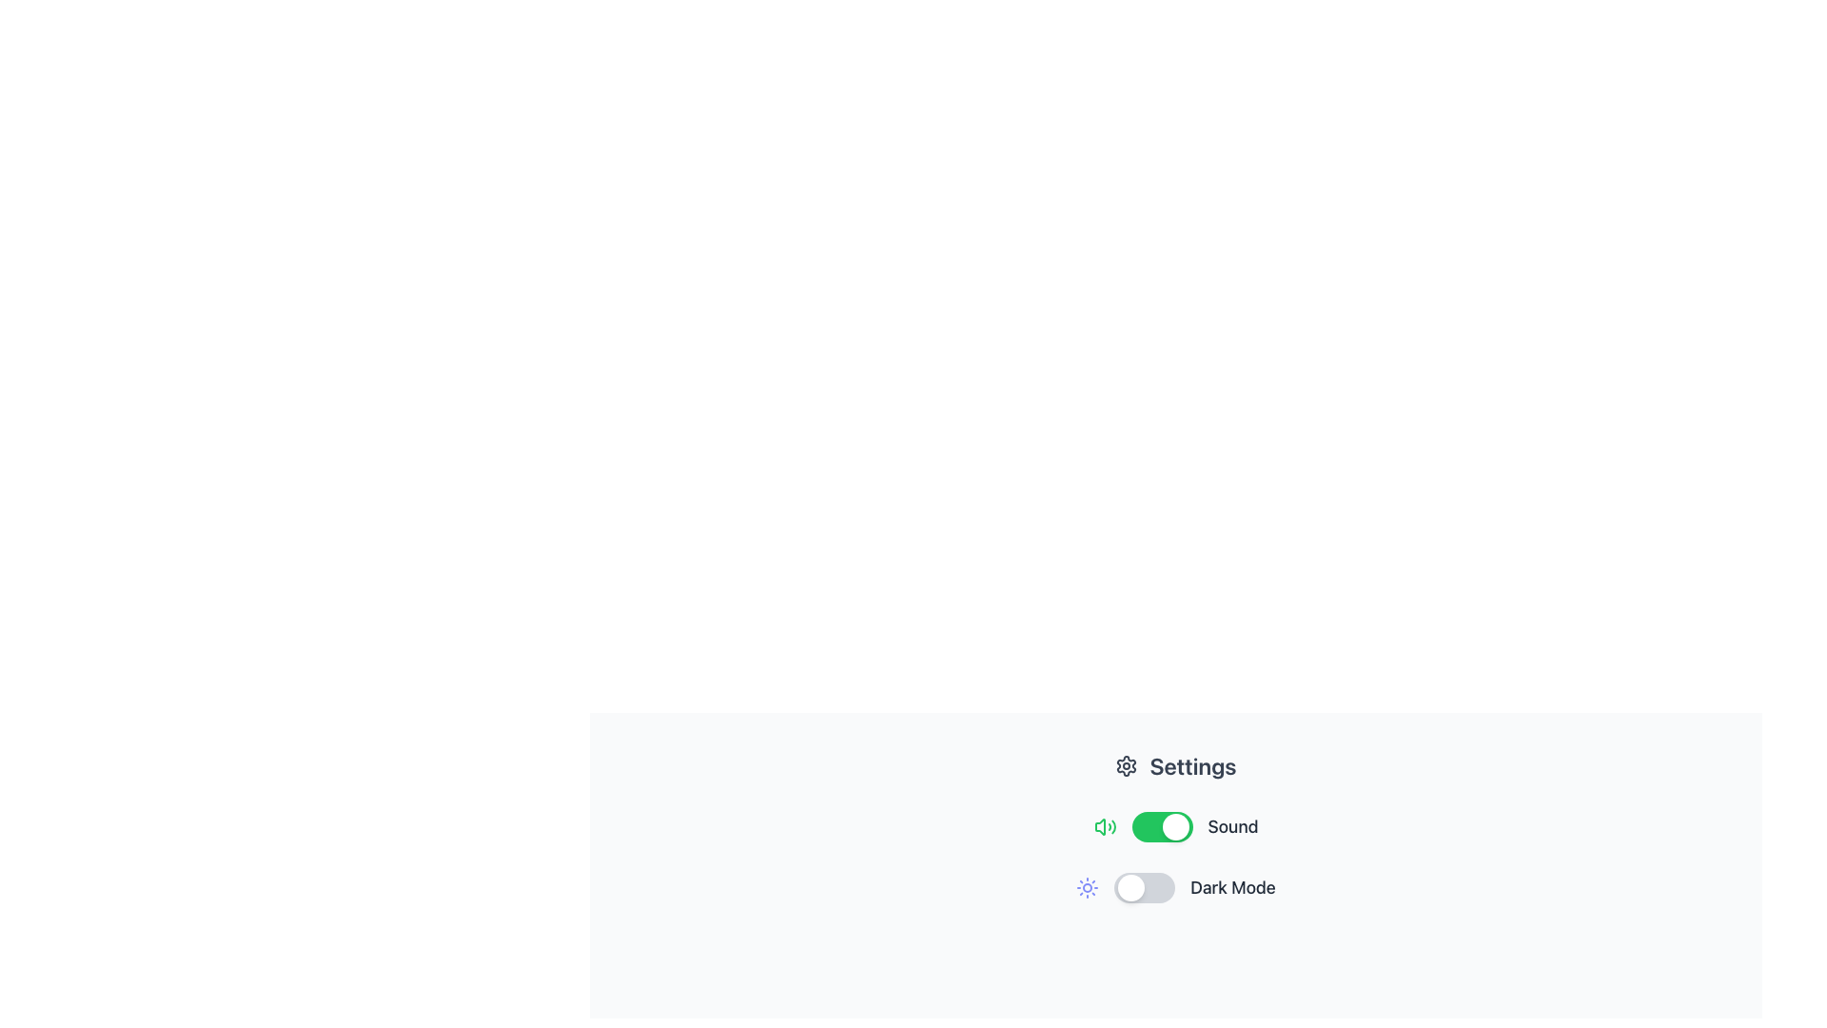 Image resolution: width=1827 pixels, height=1028 pixels. What do you see at coordinates (1175, 825) in the screenshot?
I see `the toggle switch for sound settings, which is the first toggle switch beneath the 'Settings' header` at bounding box center [1175, 825].